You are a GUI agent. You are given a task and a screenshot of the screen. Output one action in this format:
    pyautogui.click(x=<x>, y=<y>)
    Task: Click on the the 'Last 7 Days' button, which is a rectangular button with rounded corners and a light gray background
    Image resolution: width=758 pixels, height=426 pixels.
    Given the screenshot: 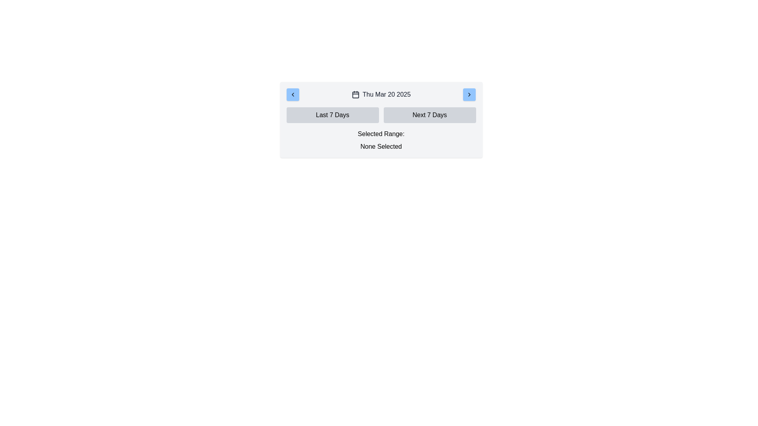 What is the action you would take?
    pyautogui.click(x=332, y=115)
    